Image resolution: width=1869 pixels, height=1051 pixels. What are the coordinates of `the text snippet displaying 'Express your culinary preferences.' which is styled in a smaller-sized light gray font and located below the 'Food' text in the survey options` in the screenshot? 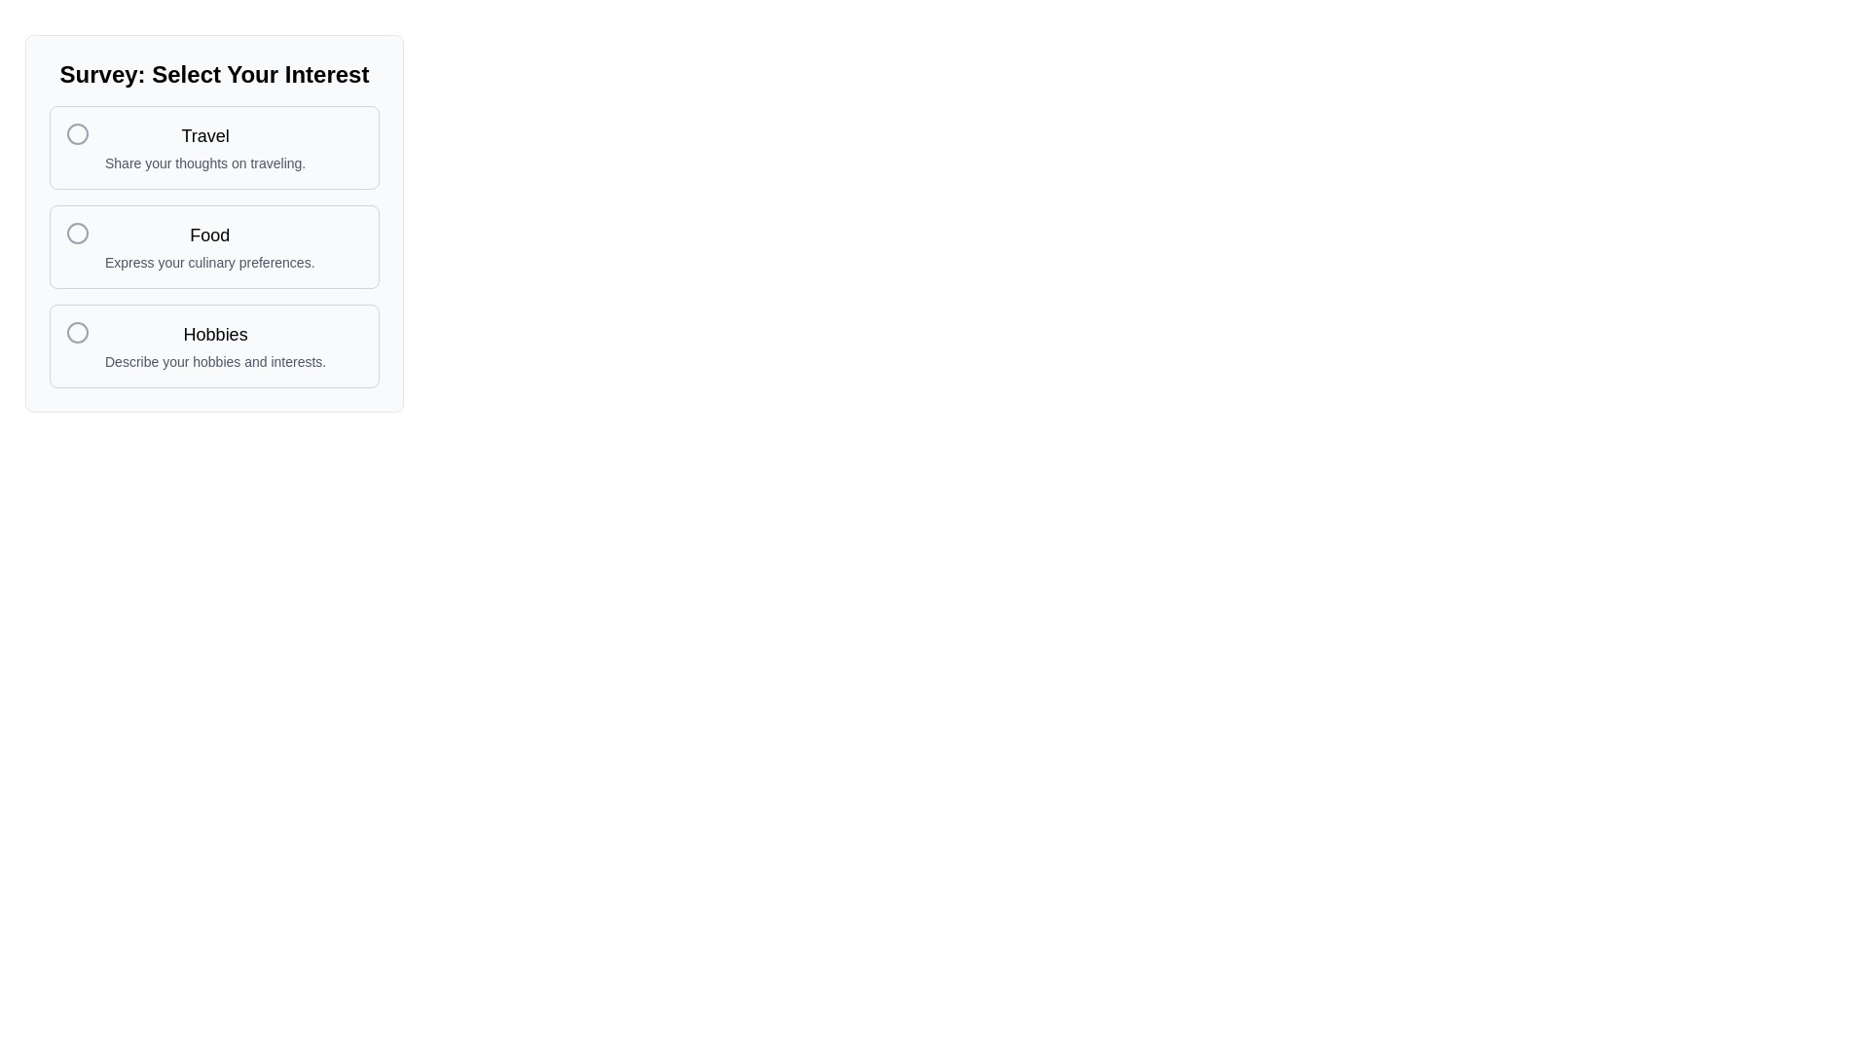 It's located at (209, 263).